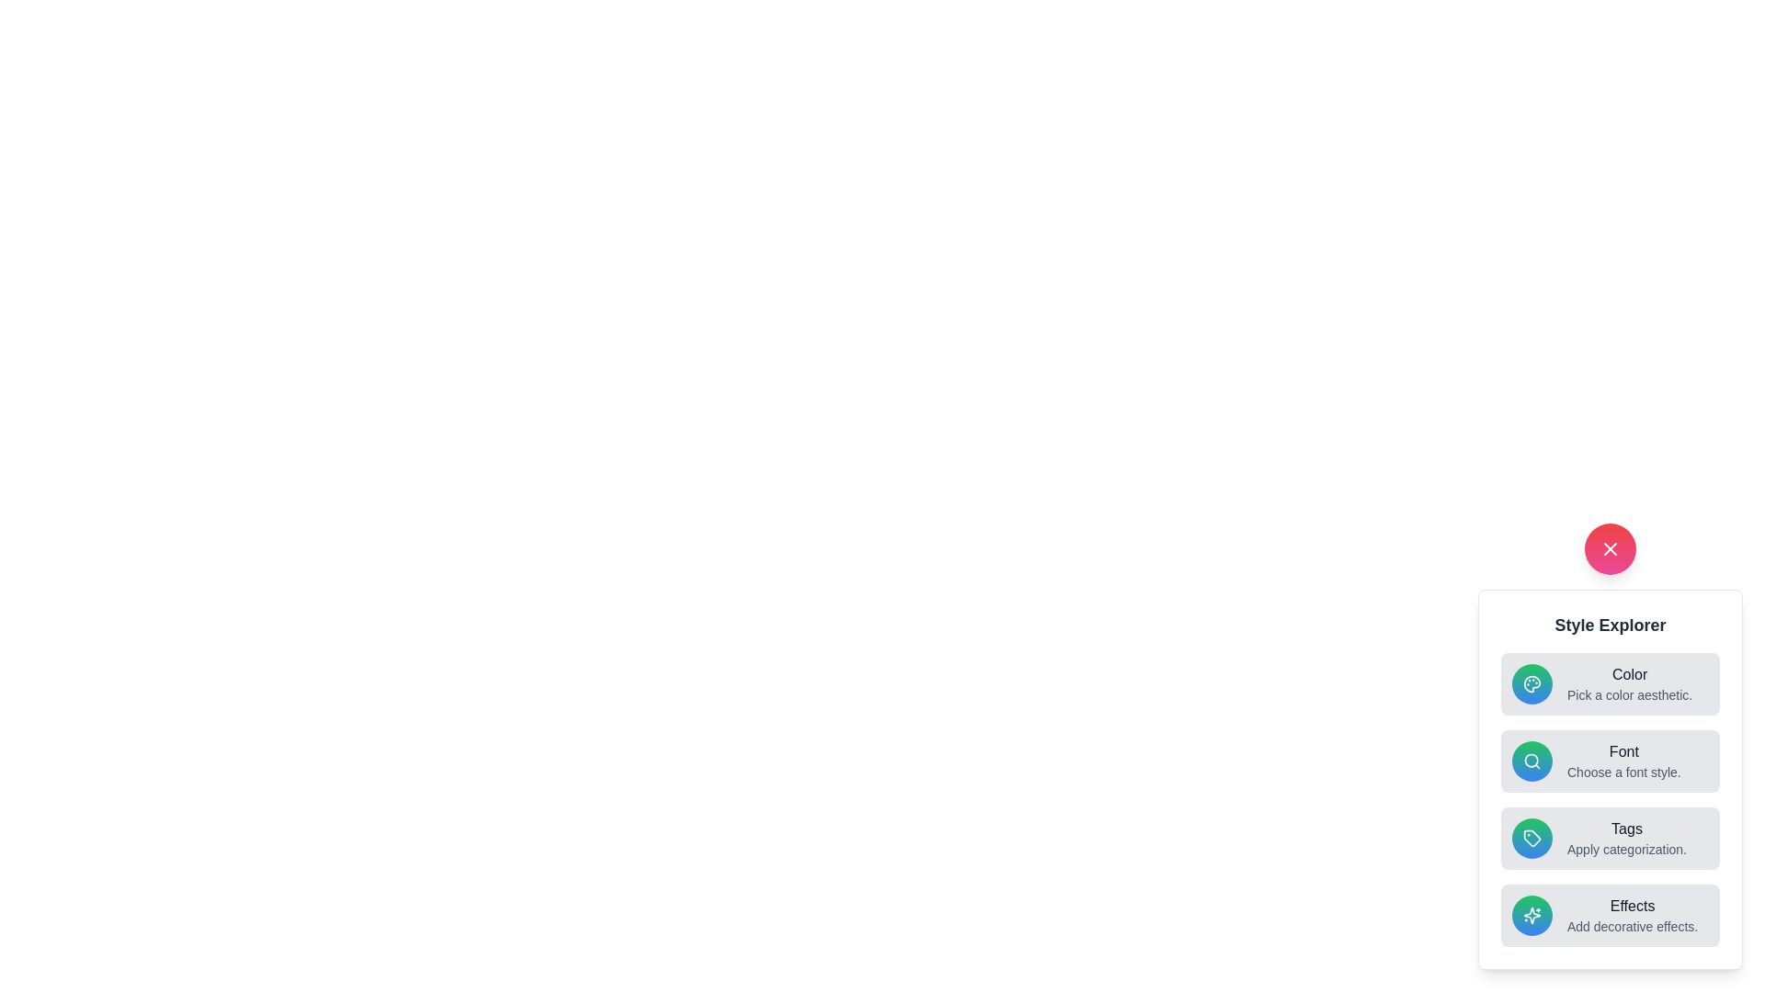  I want to click on the style option labeled Tags to view its hover effect, so click(1610, 839).